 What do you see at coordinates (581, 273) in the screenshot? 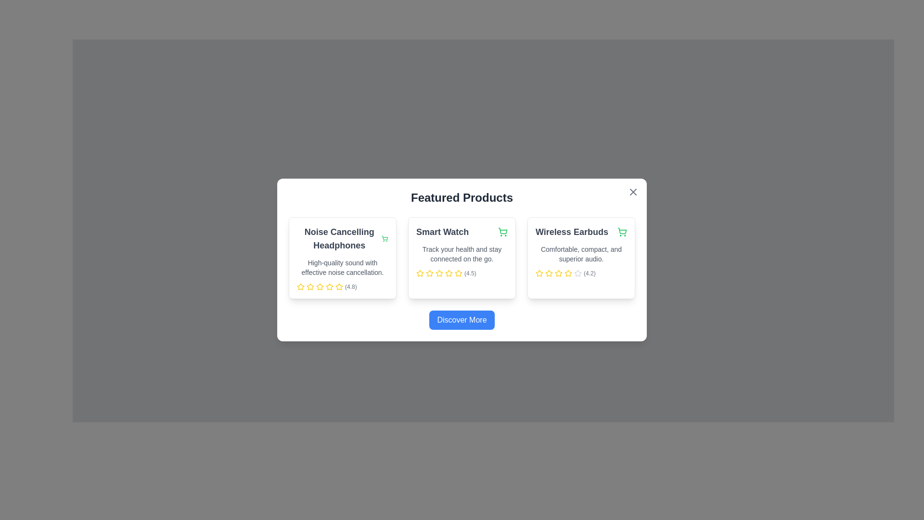
I see `the rating display for the 'Wireless Earbuds' item, which visually indicates the rating with stars and the numerical value '(4.2)', located centrally at the bottom part of the card` at bounding box center [581, 273].